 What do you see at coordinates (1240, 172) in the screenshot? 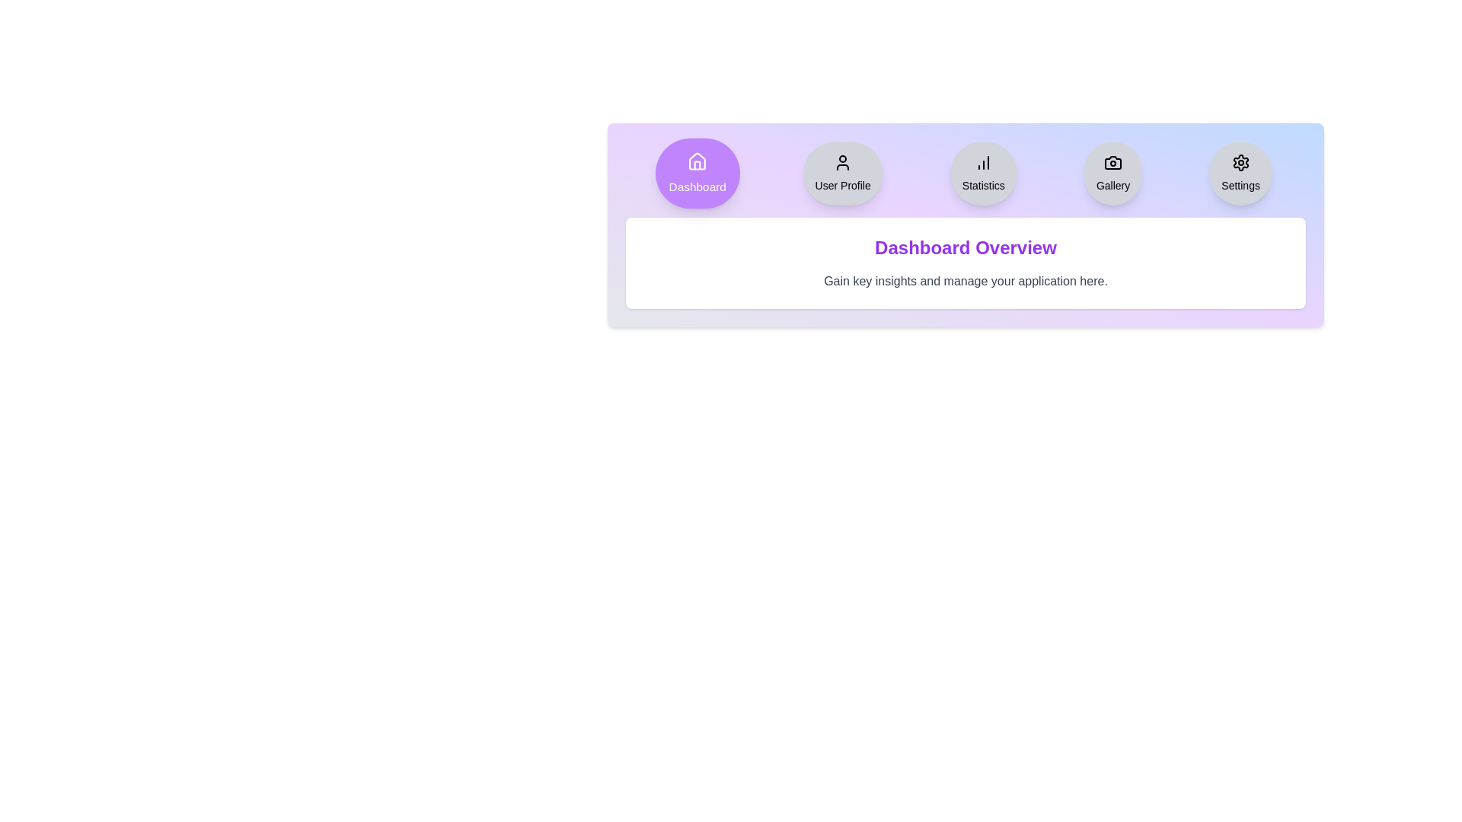
I see `the fifth button in the navigation bar` at bounding box center [1240, 172].